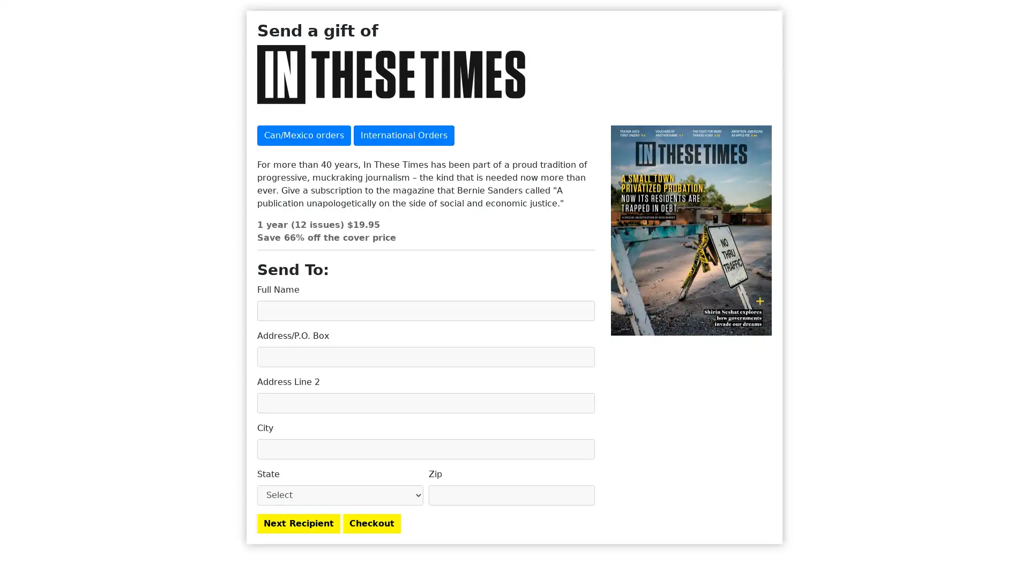 The width and height of the screenshot is (1029, 579). What do you see at coordinates (403, 135) in the screenshot?
I see `International Orders` at bounding box center [403, 135].